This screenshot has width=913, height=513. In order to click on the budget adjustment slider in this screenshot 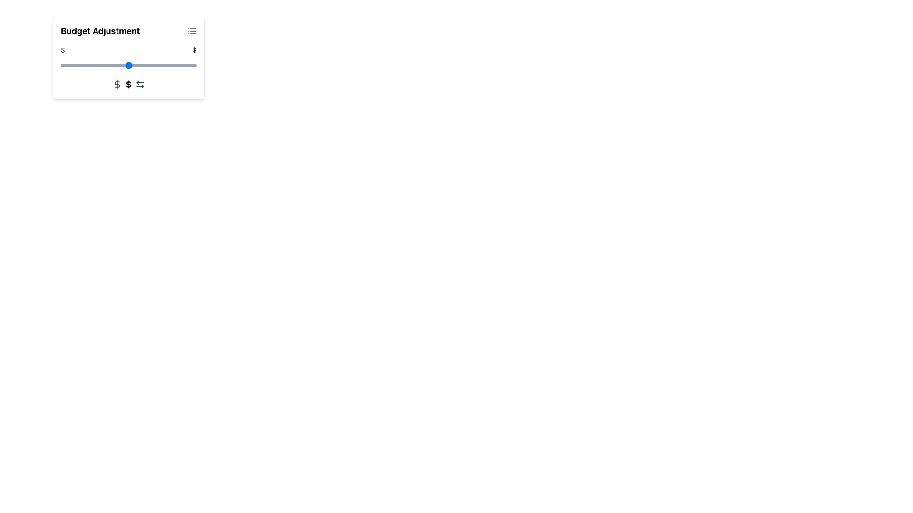, I will do `click(135, 65)`.